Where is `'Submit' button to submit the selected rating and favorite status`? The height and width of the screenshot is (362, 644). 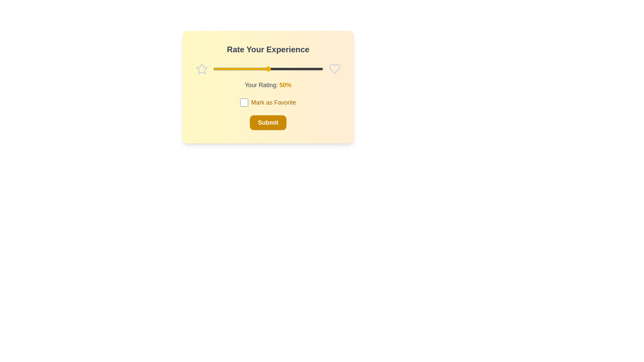 'Submit' button to submit the selected rating and favorite status is located at coordinates (268, 123).